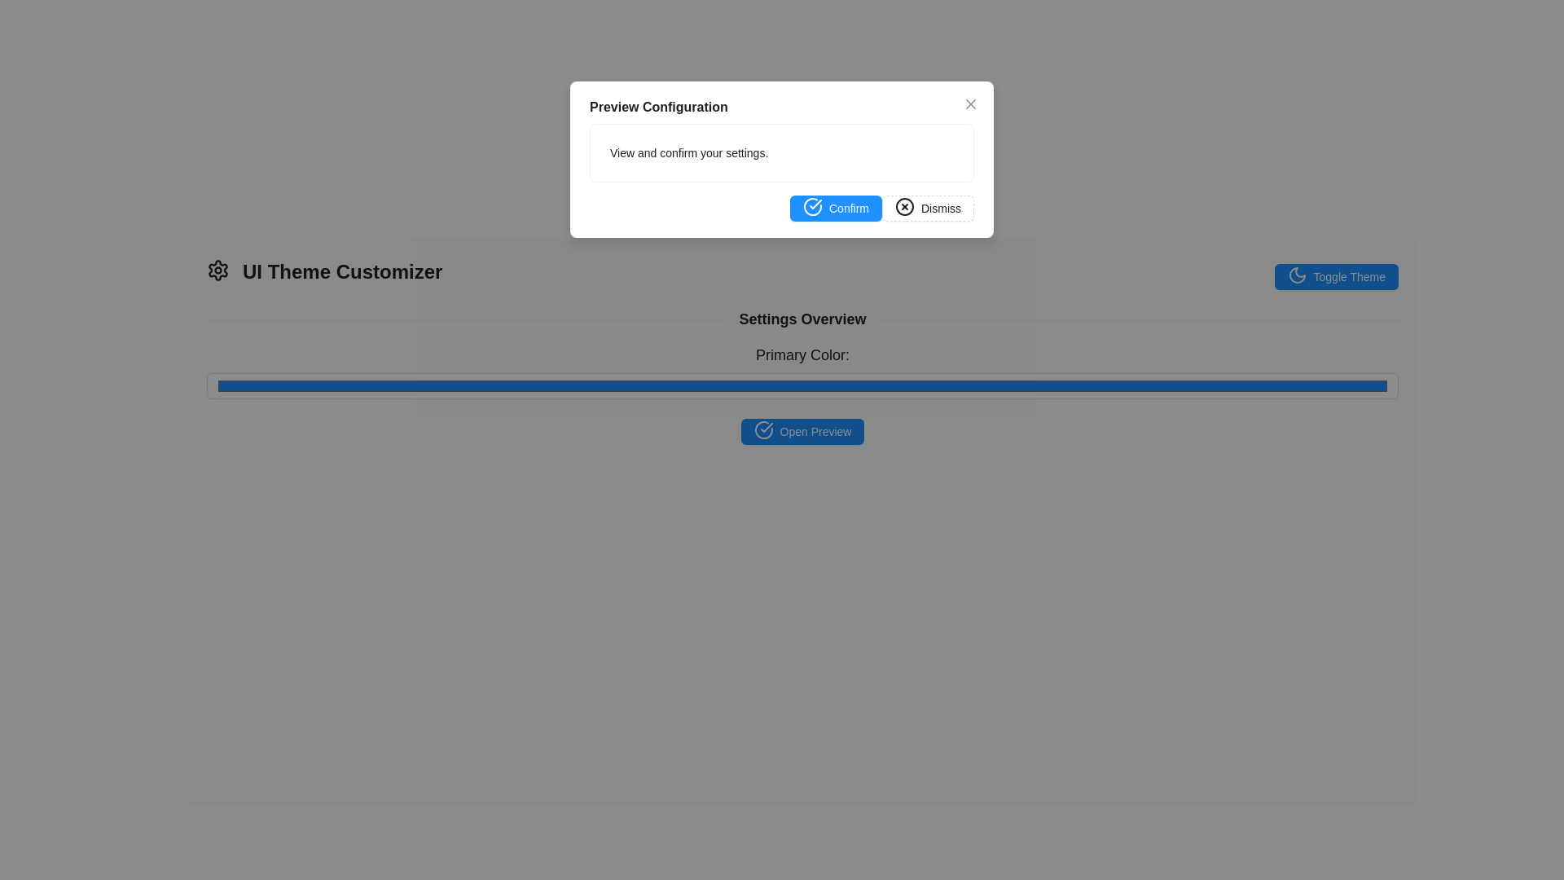 The width and height of the screenshot is (1564, 880). I want to click on the button located under the 'Primary Color' section, so click(802, 430).